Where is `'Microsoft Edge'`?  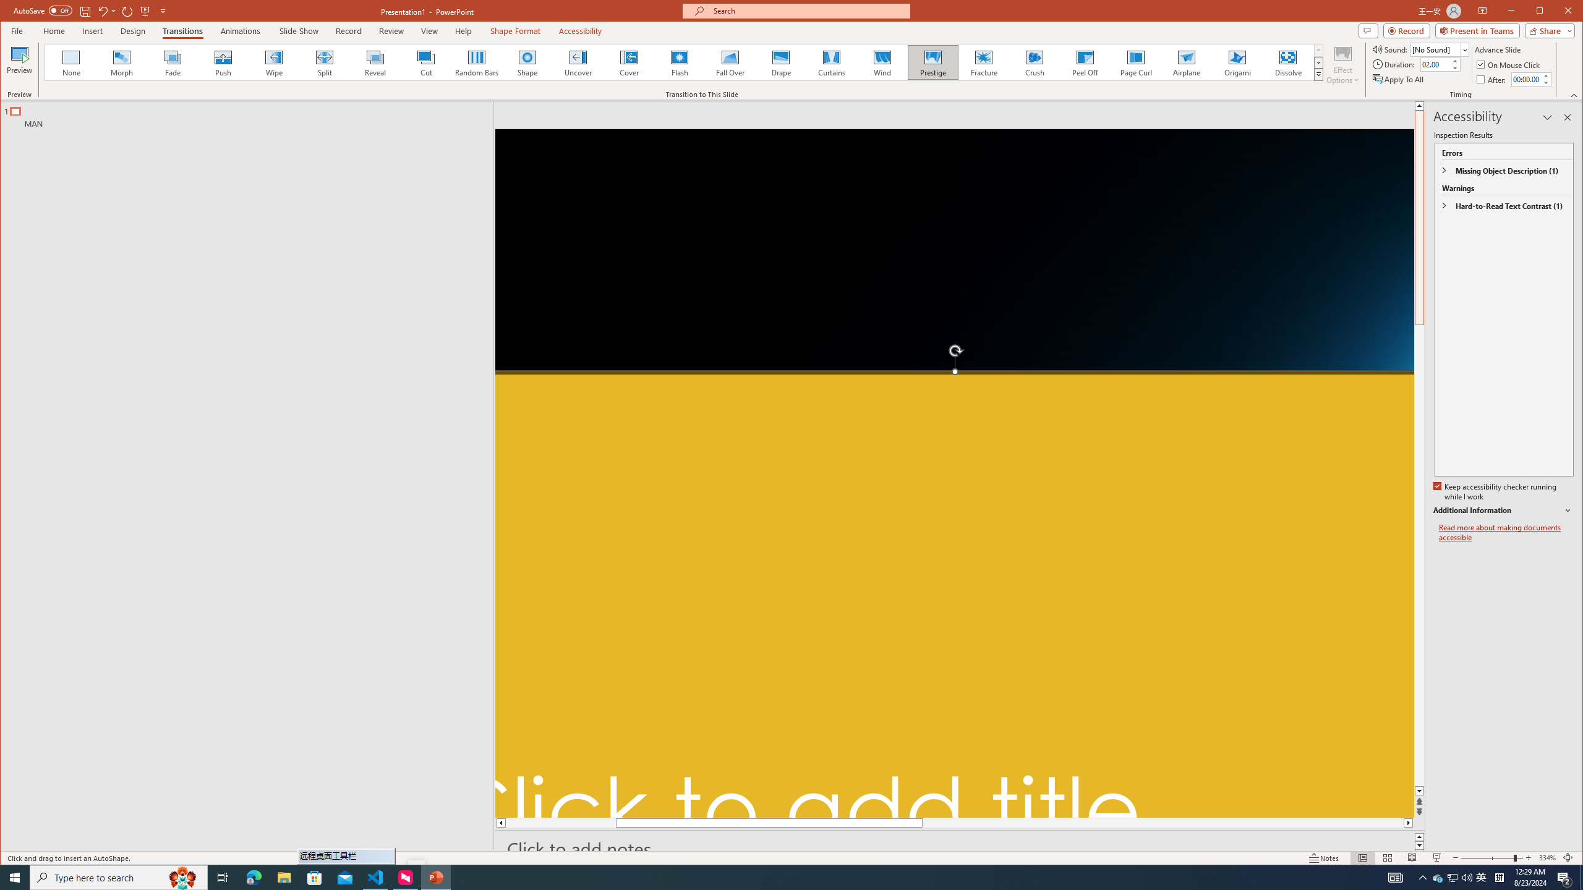 'Microsoft Edge' is located at coordinates (253, 876).